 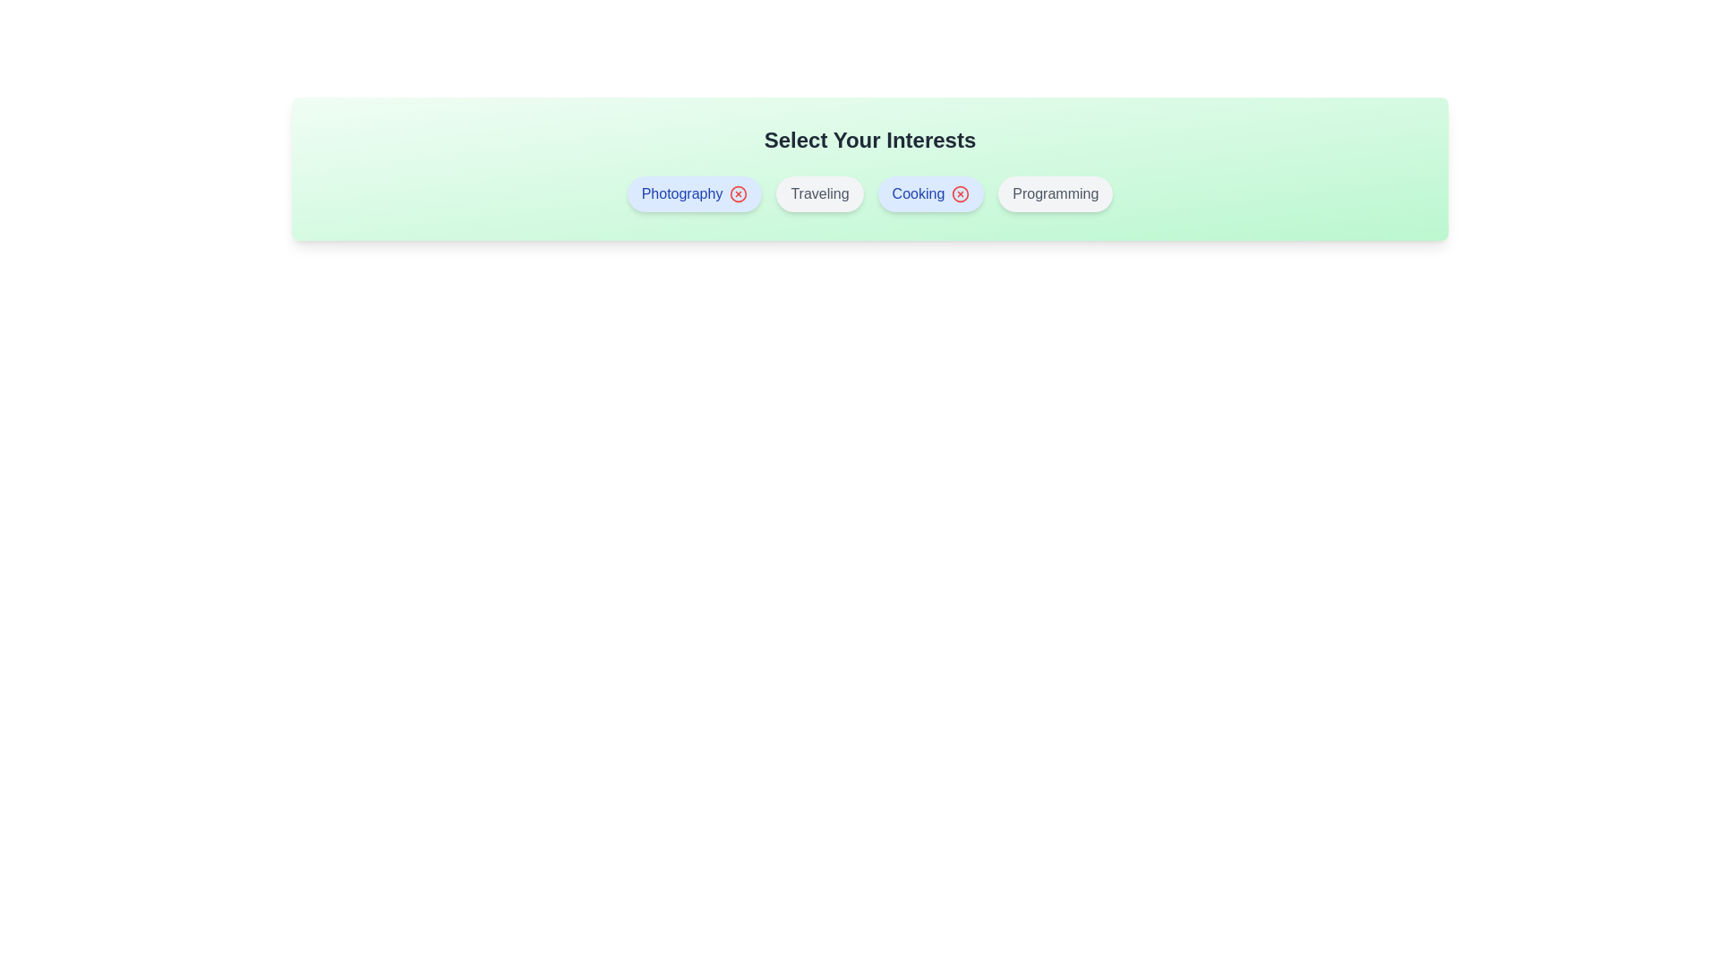 I want to click on the interest item Cooking, so click(x=931, y=193).